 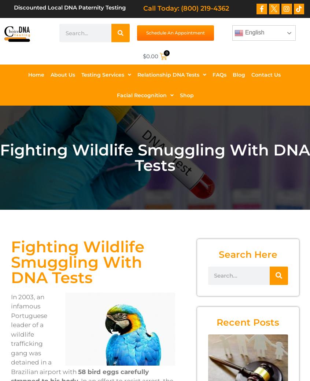 What do you see at coordinates (142, 56) in the screenshot?
I see `'$'` at bounding box center [142, 56].